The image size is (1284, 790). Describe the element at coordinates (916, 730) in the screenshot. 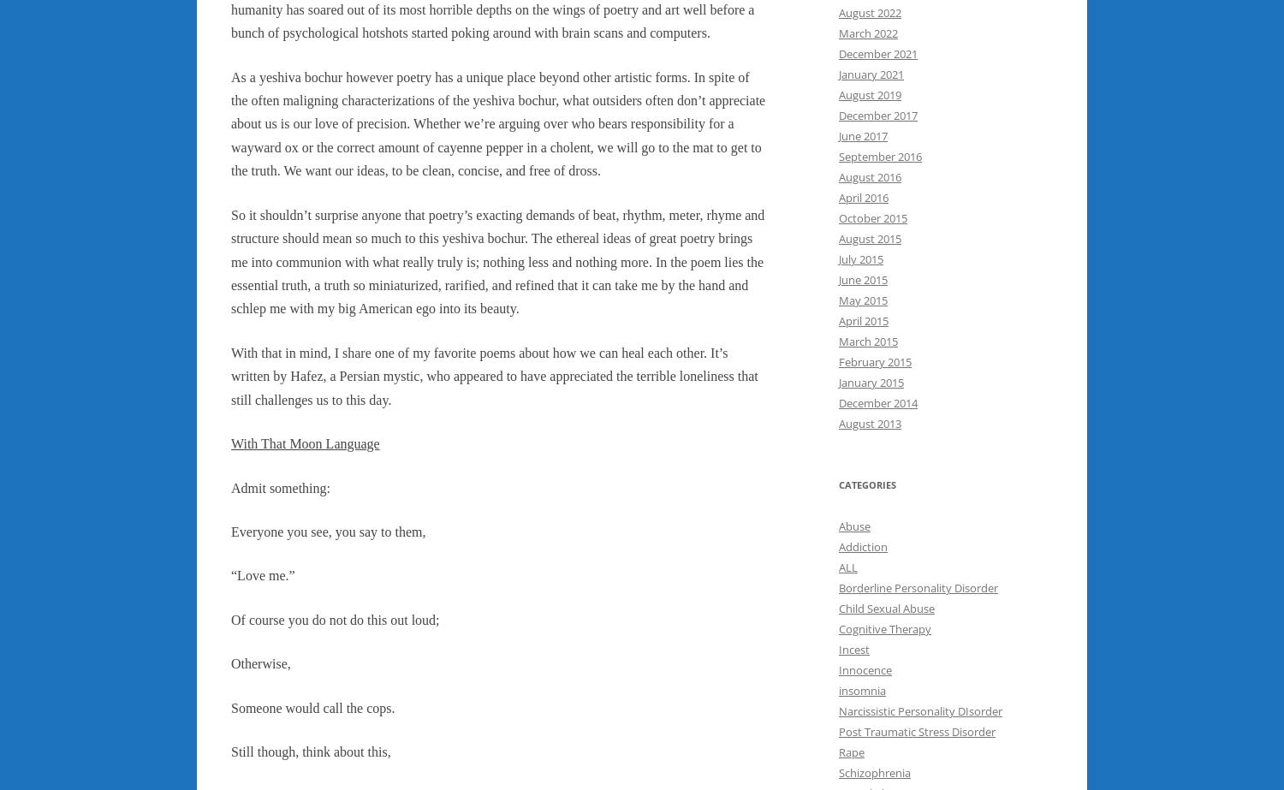

I see `'Post Traumatic Stress Disorder'` at that location.